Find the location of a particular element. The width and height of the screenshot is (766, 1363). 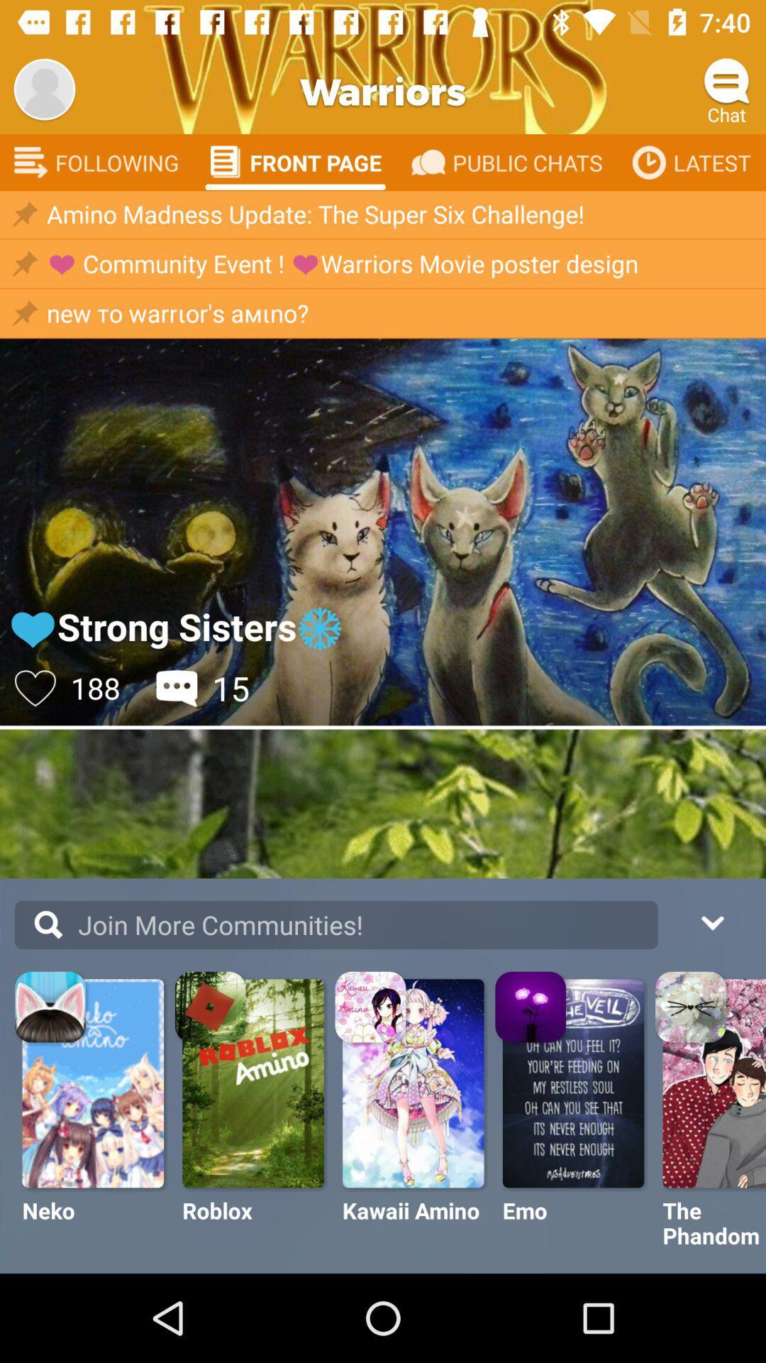

the expand_more icon is located at coordinates (711, 921).